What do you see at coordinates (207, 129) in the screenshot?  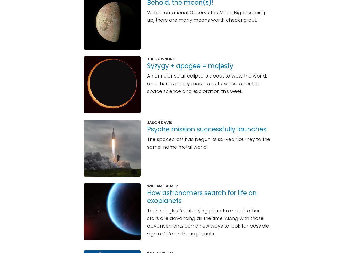 I see `'Psyche mission successfully launches'` at bounding box center [207, 129].